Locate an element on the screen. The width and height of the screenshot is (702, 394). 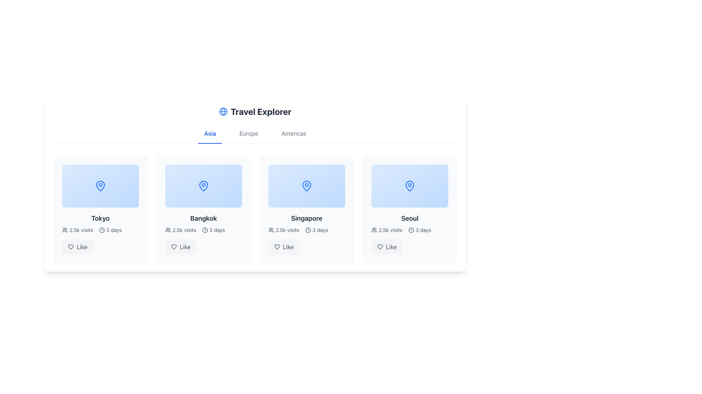
the 'Like' button with a heart icon located at the bottom of the 'Bangkok' card to express a like for the card is located at coordinates (181, 247).